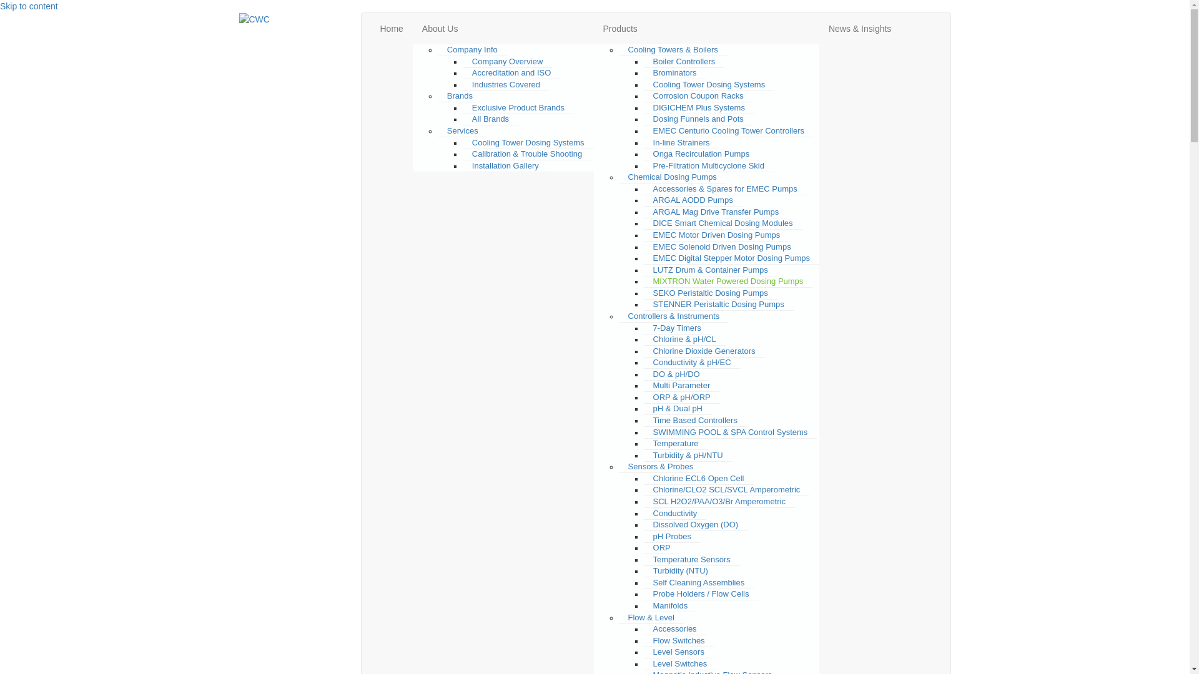 This screenshot has width=1199, height=674. What do you see at coordinates (644, 293) in the screenshot?
I see `'SEKO Peristaltic Dosing Pumps'` at bounding box center [644, 293].